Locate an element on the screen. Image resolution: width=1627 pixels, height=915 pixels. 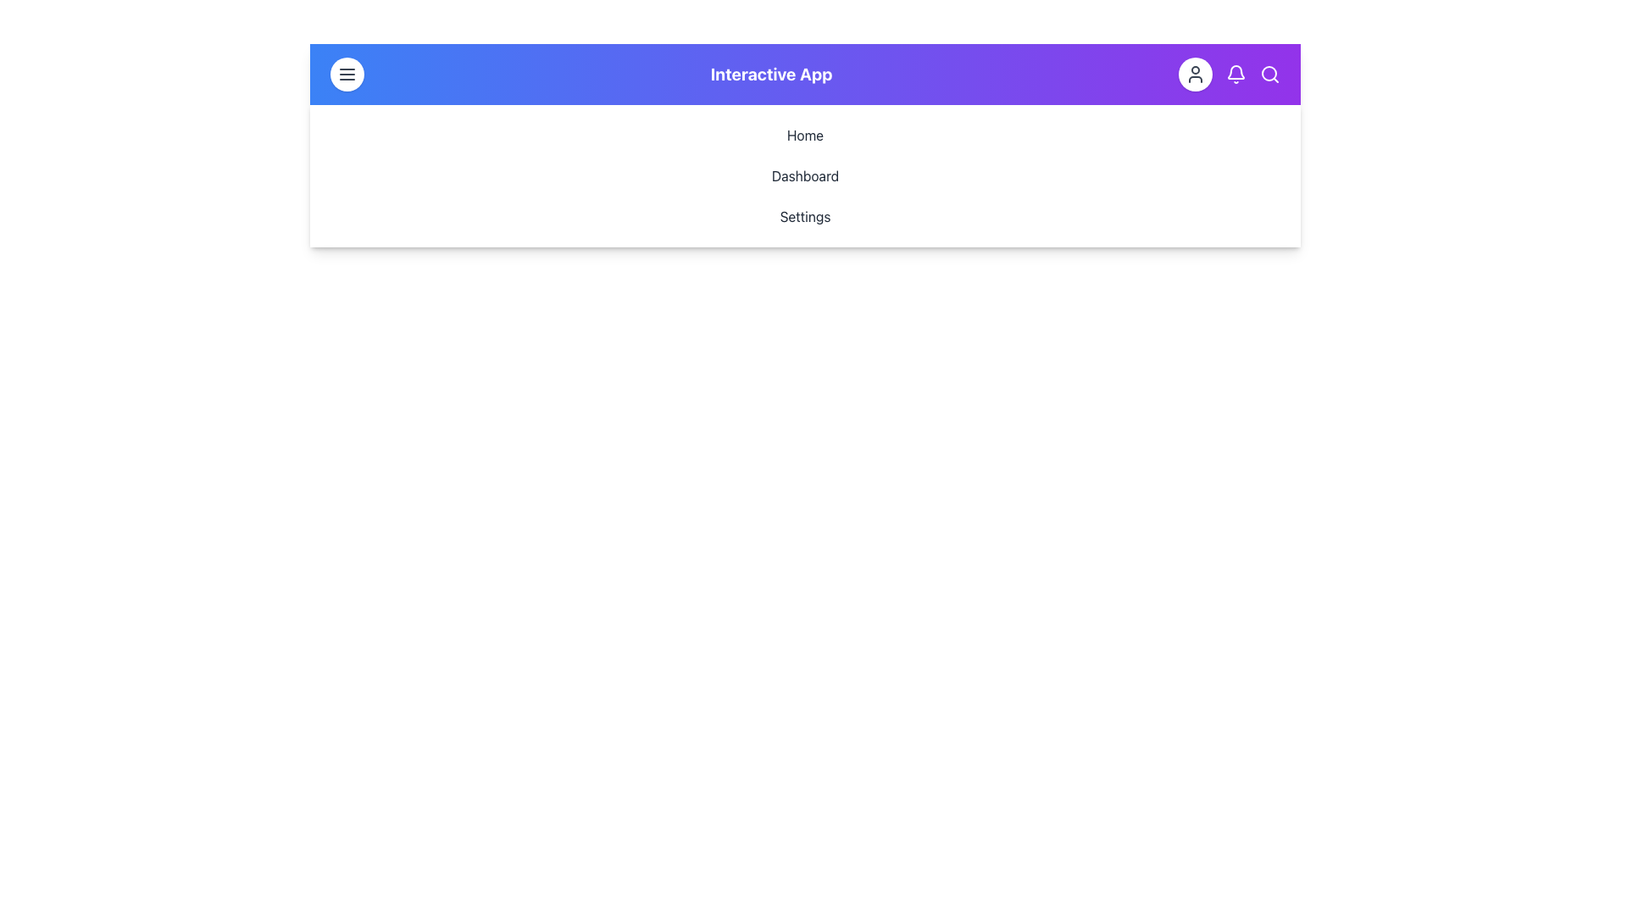
the hamburger menu icon located at the upper-left corner of the navigation bar is located at coordinates (346, 74).